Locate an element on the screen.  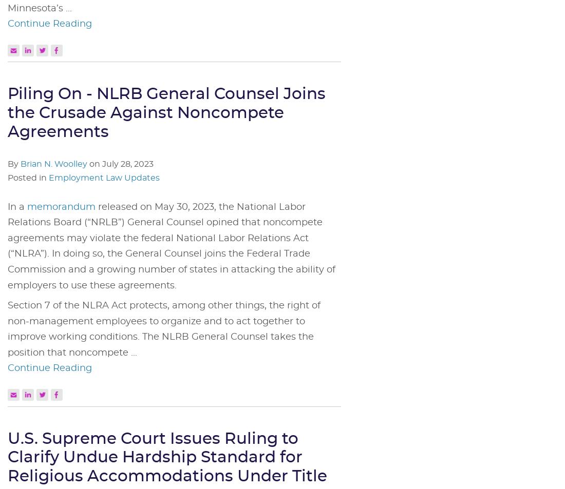
'Piling On - NLRB General Counsel Joins the Crusade Against Noncompete Agreements' is located at coordinates (166, 112).